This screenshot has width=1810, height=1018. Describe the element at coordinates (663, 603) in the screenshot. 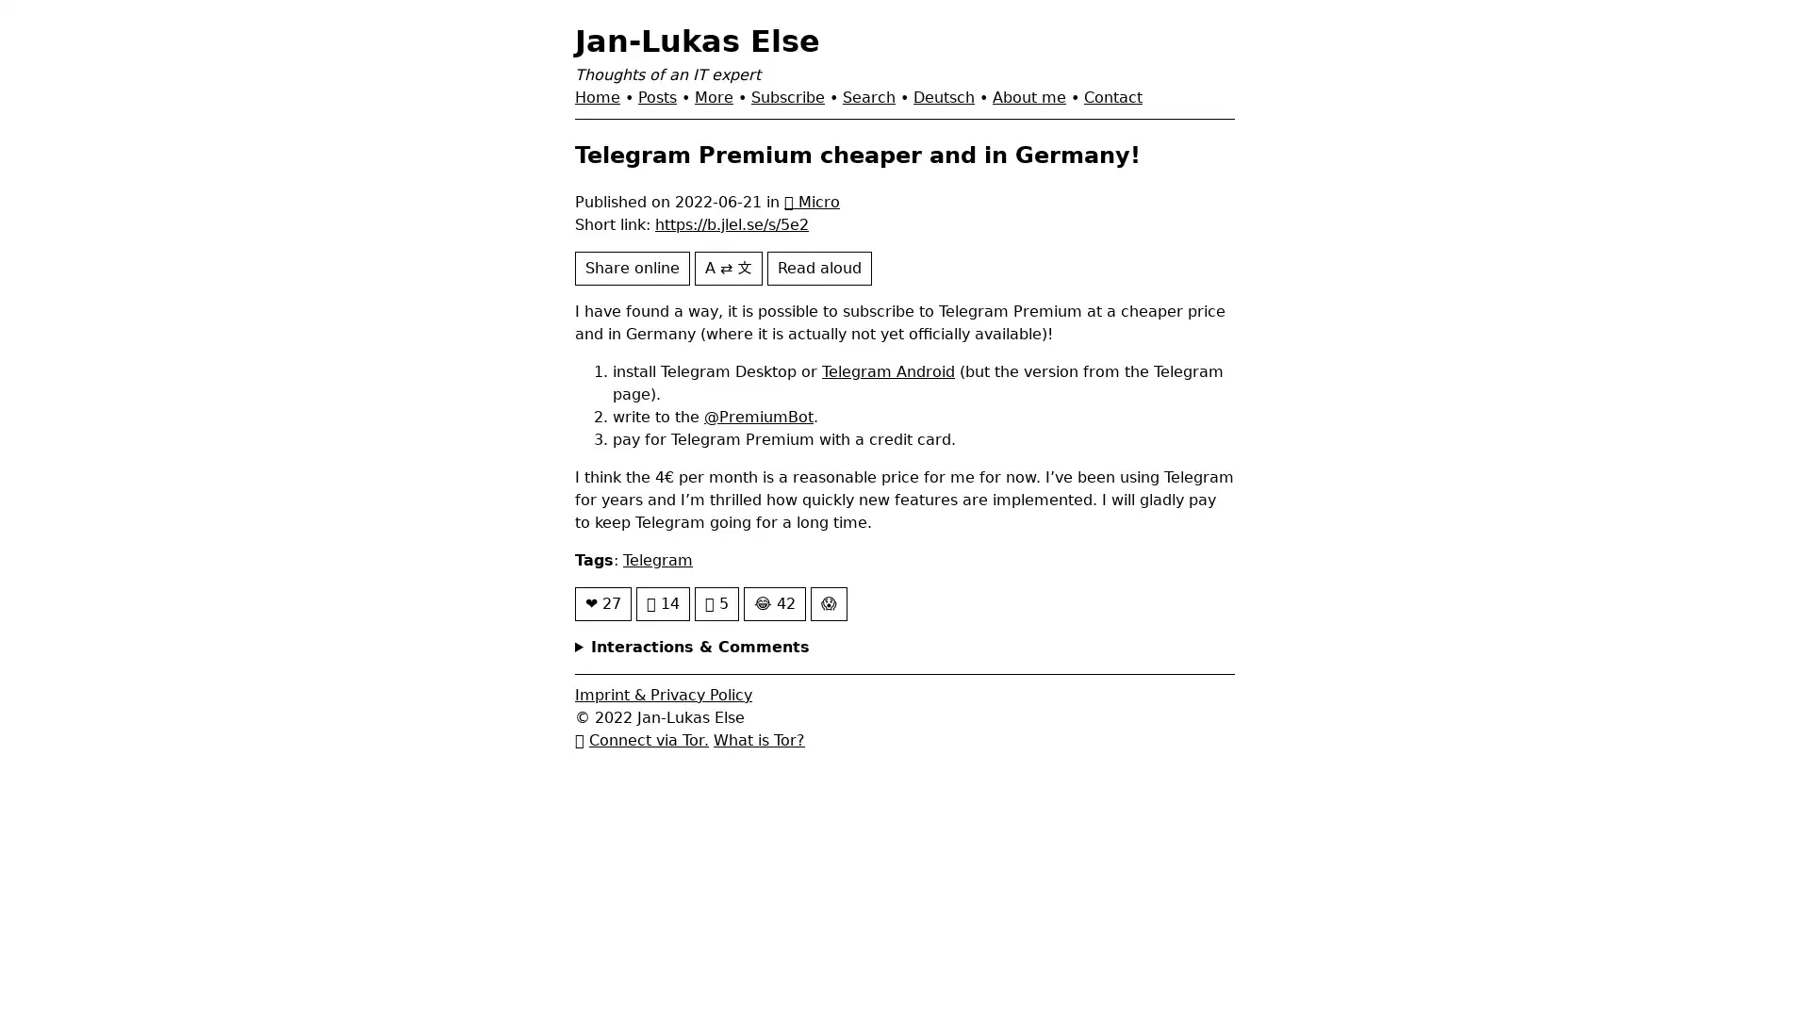

I see `14` at that location.